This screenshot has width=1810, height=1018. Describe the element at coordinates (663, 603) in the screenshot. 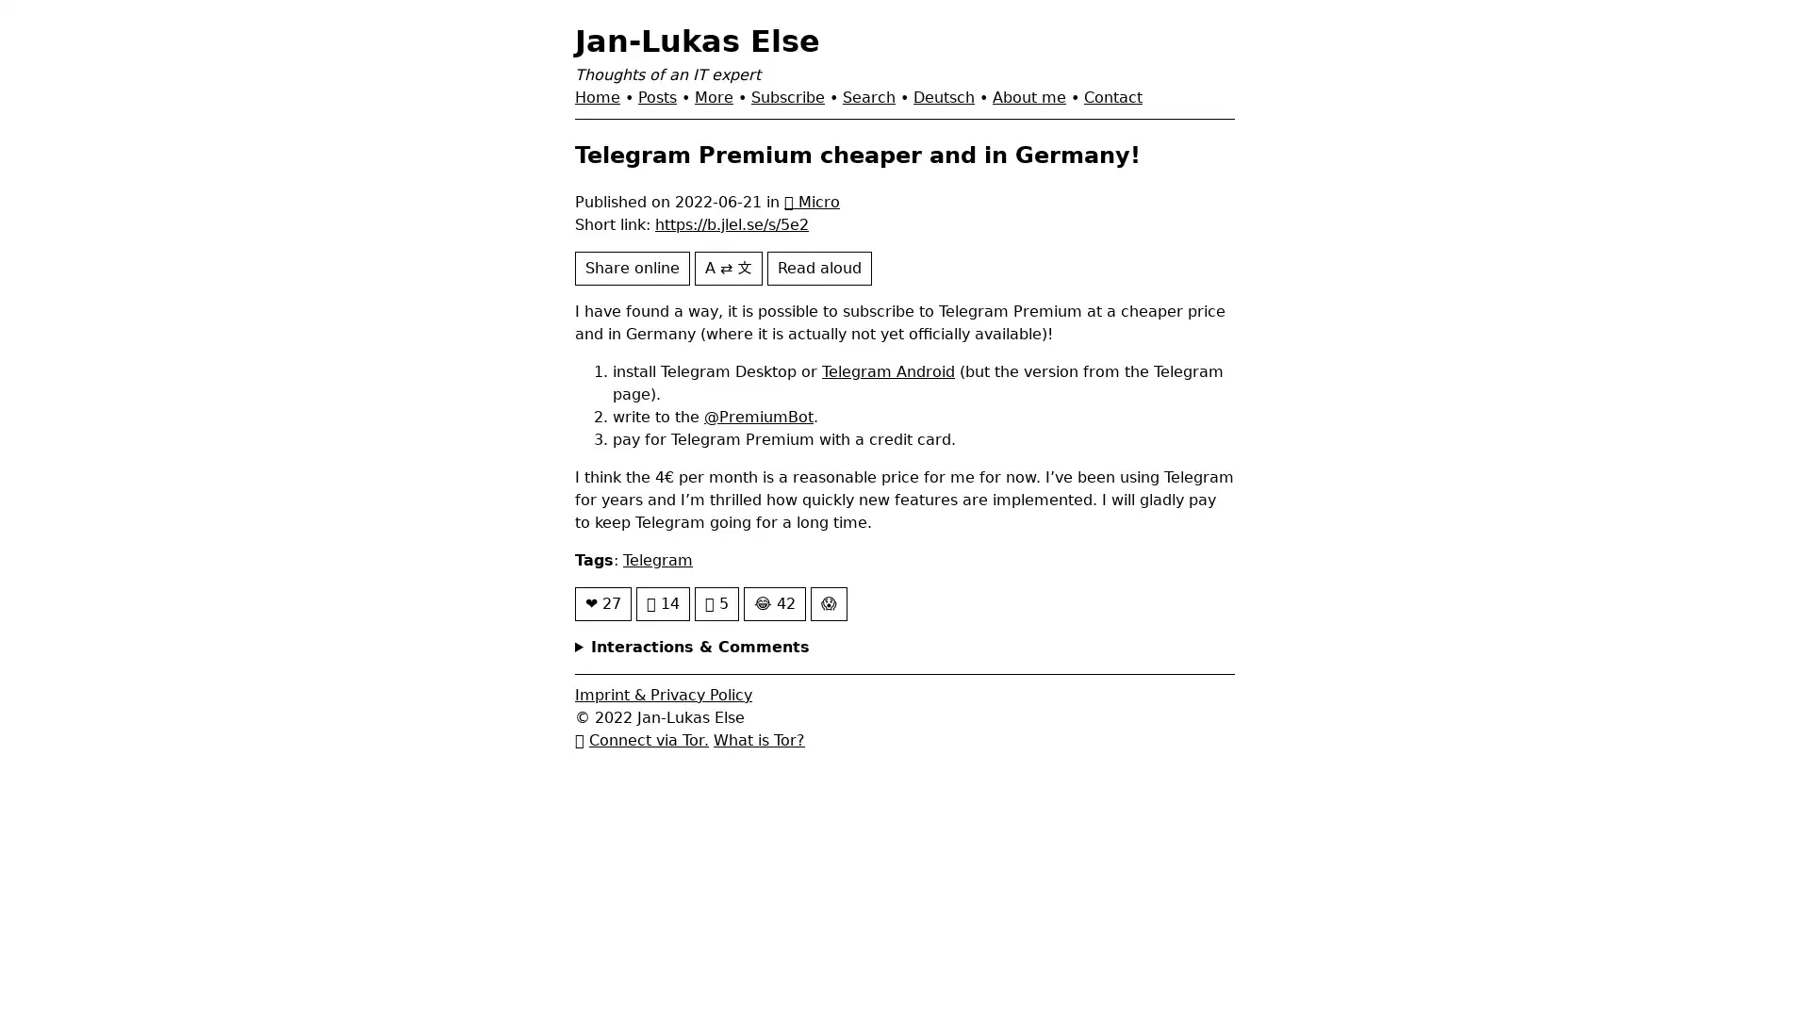

I see `14` at that location.